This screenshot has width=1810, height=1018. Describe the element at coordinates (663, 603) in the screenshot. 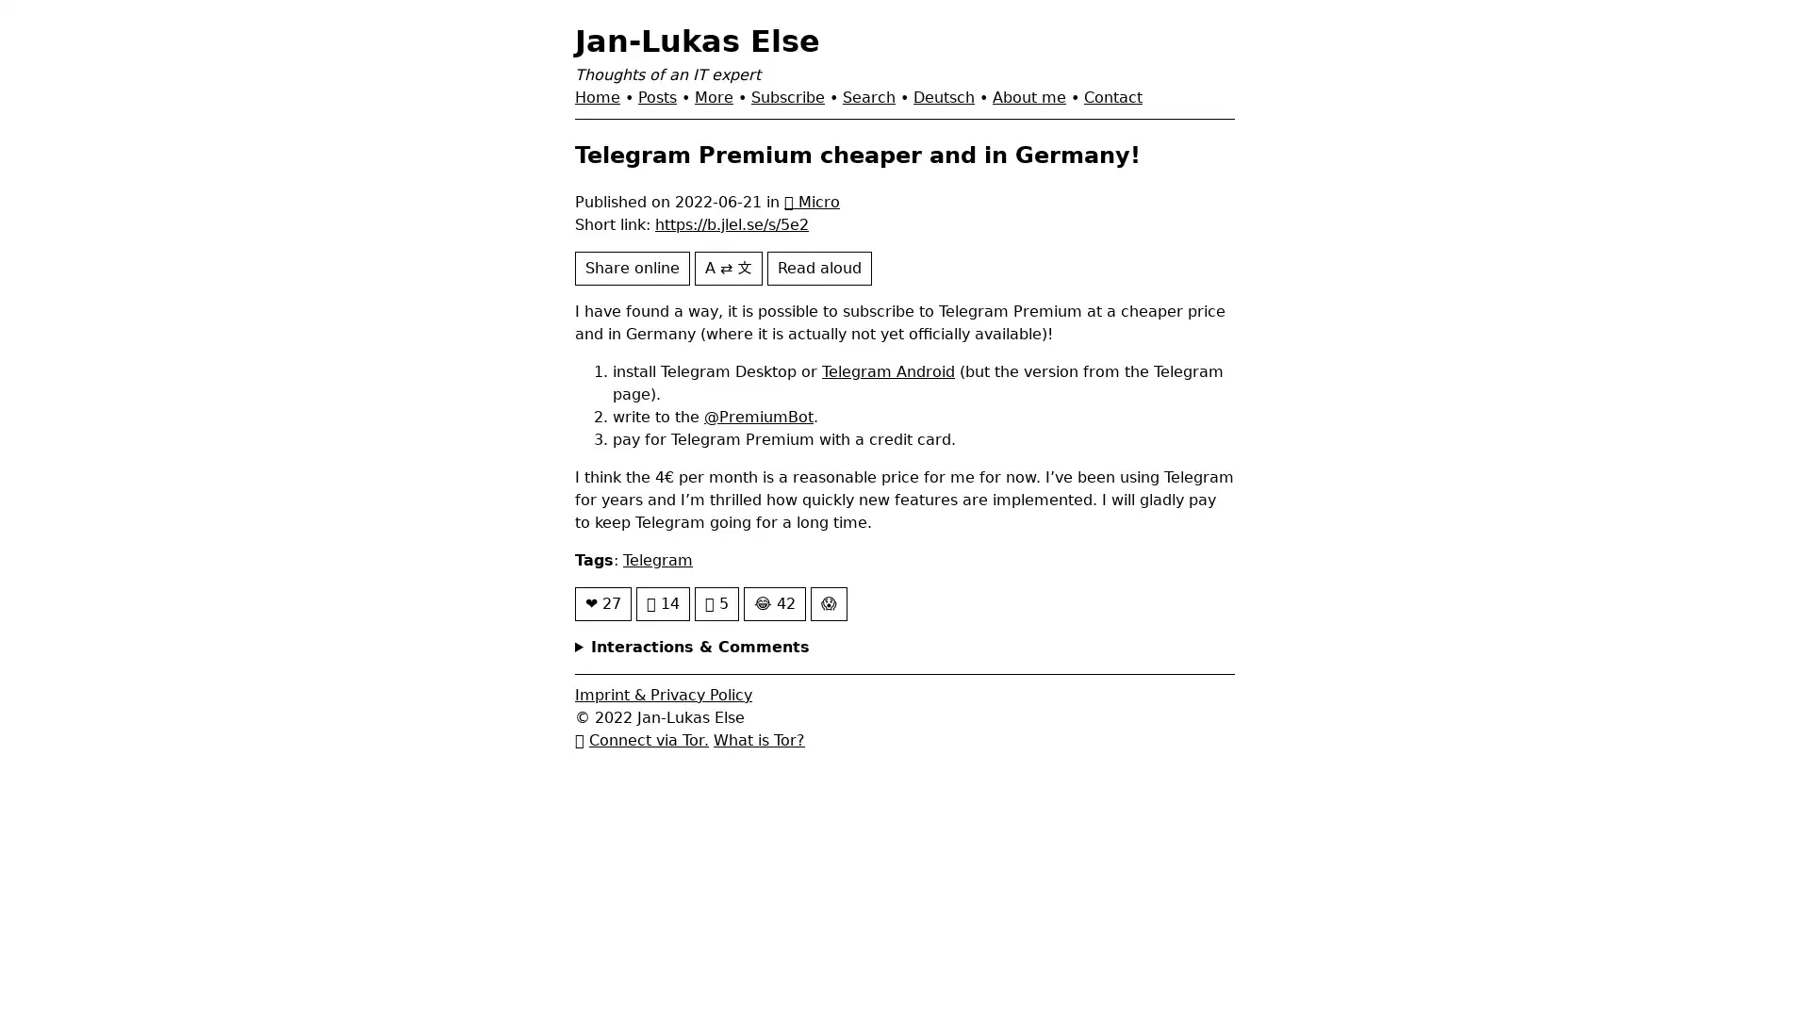

I see `14` at that location.